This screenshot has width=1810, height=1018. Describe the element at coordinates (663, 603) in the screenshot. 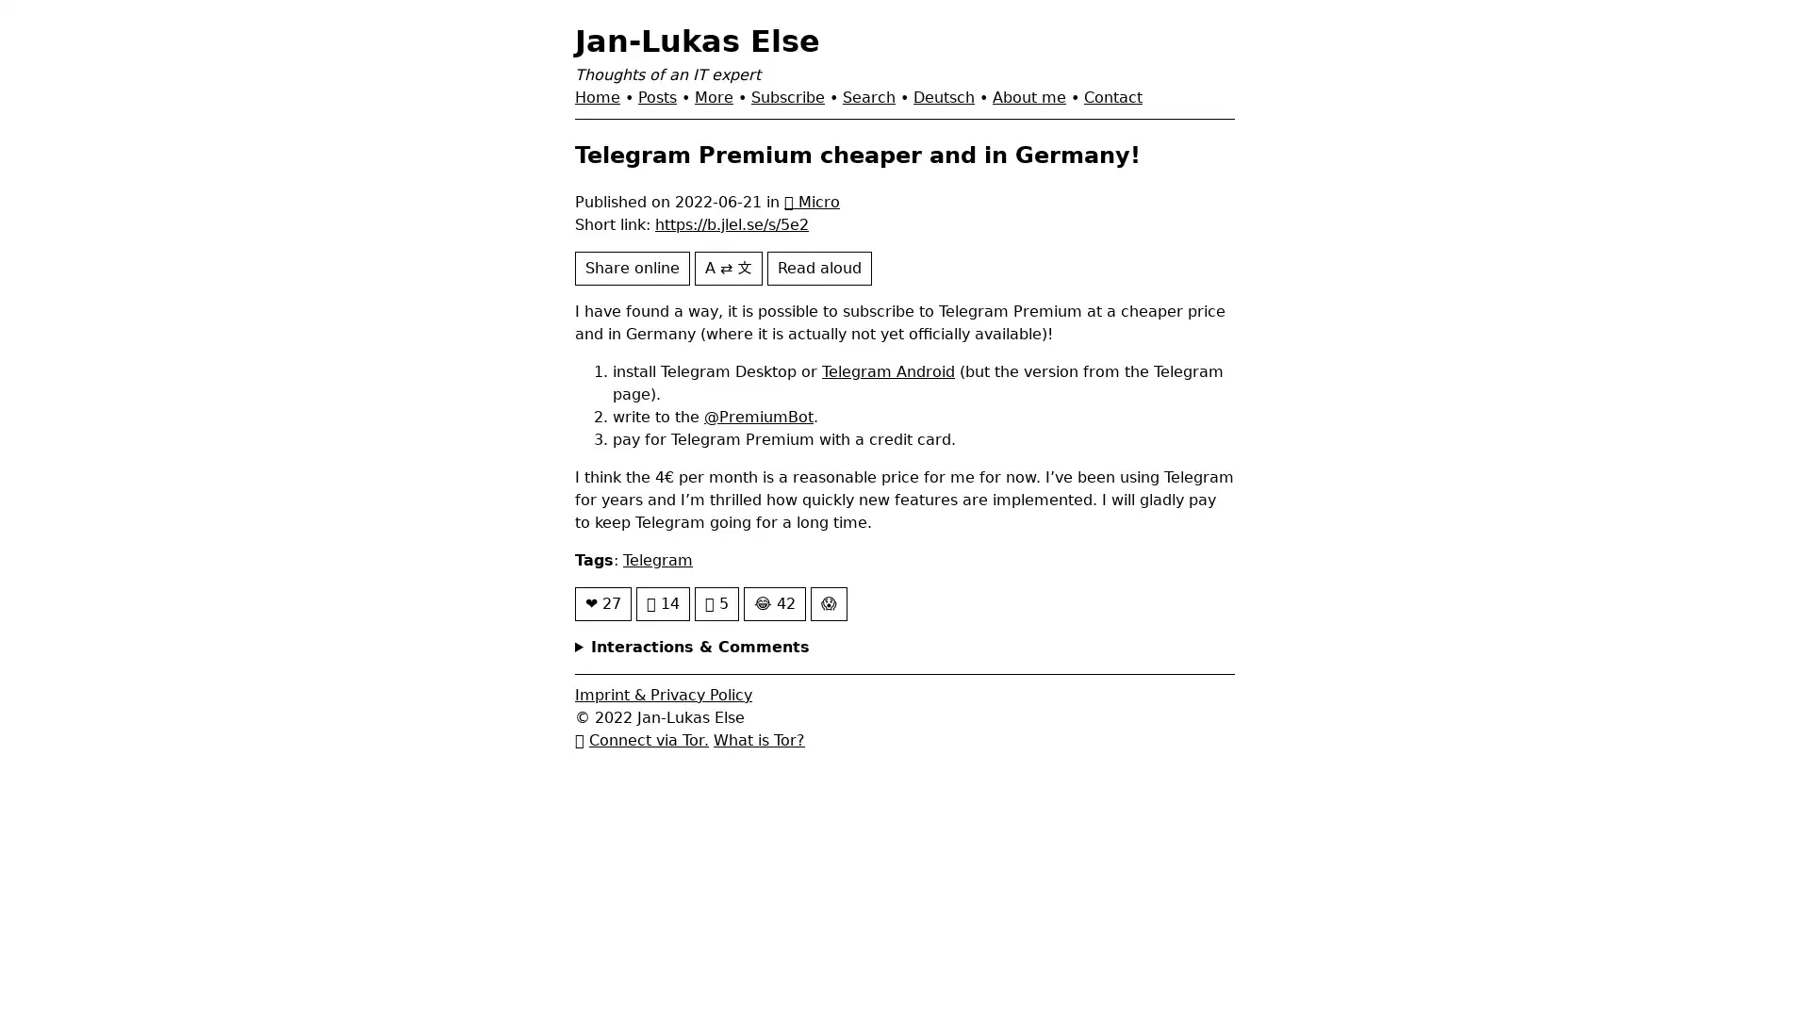

I see `14` at that location.